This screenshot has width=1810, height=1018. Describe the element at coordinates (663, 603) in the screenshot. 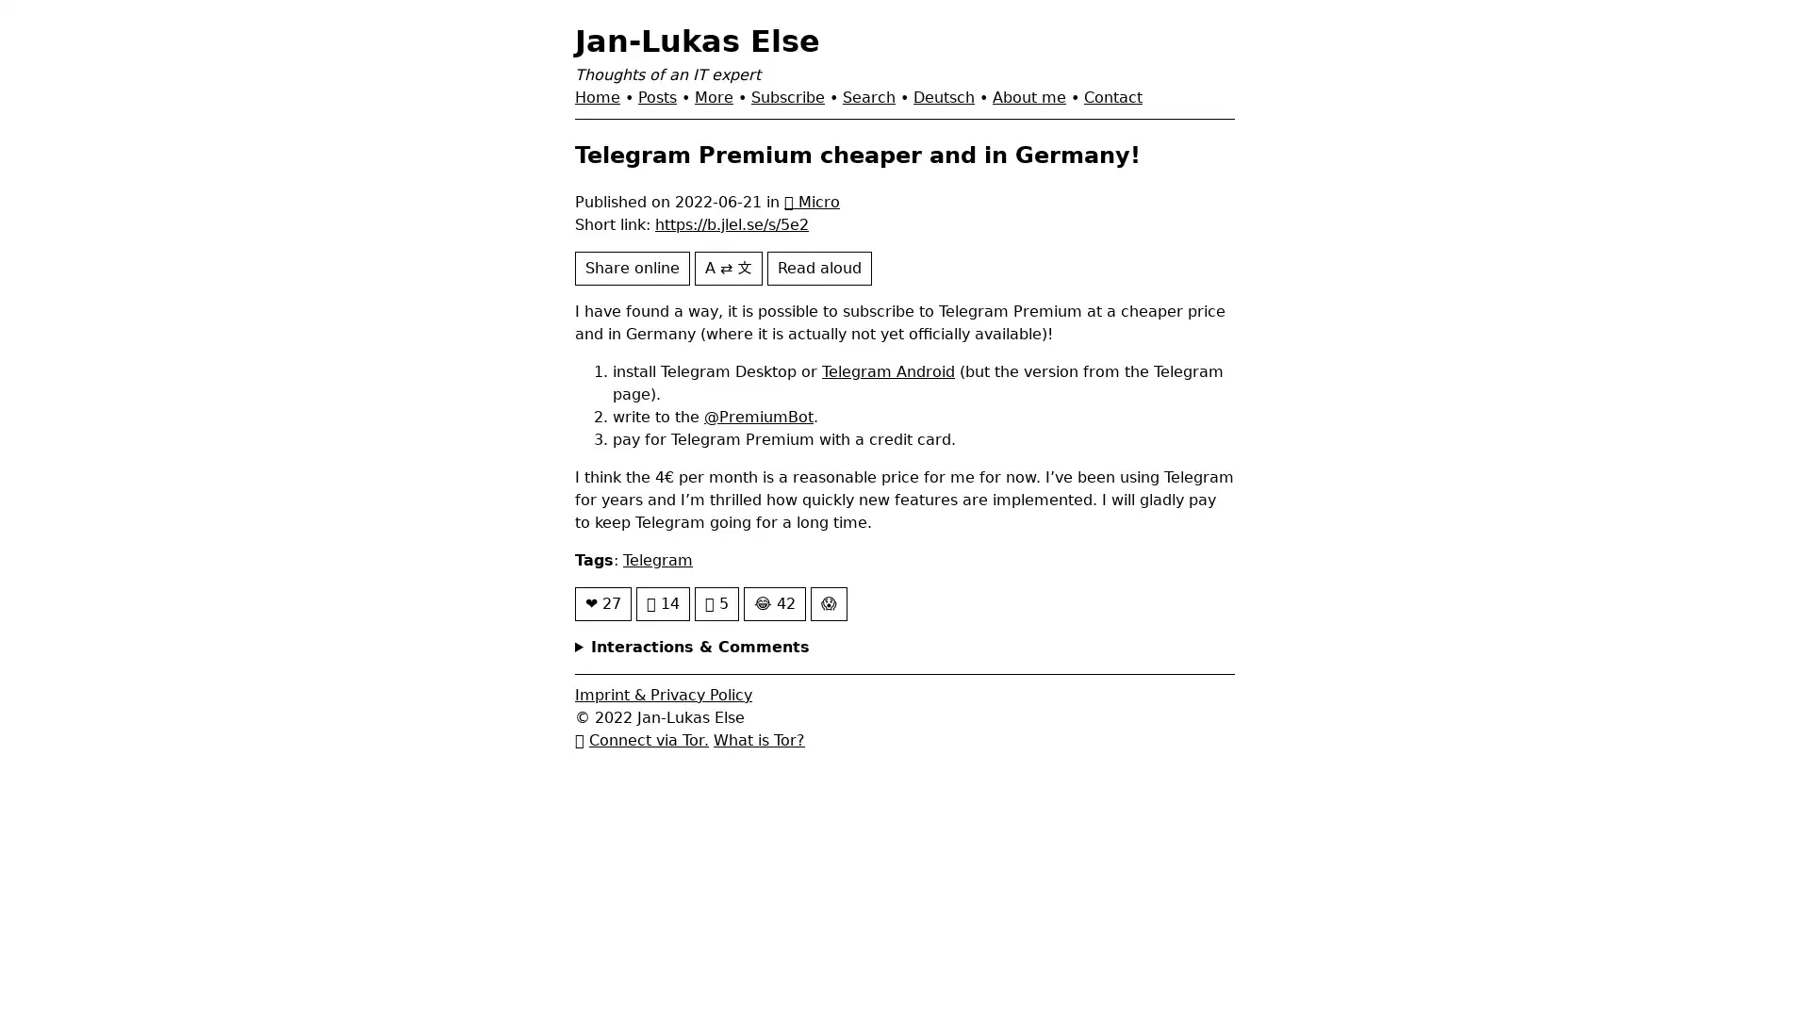

I see `14` at that location.